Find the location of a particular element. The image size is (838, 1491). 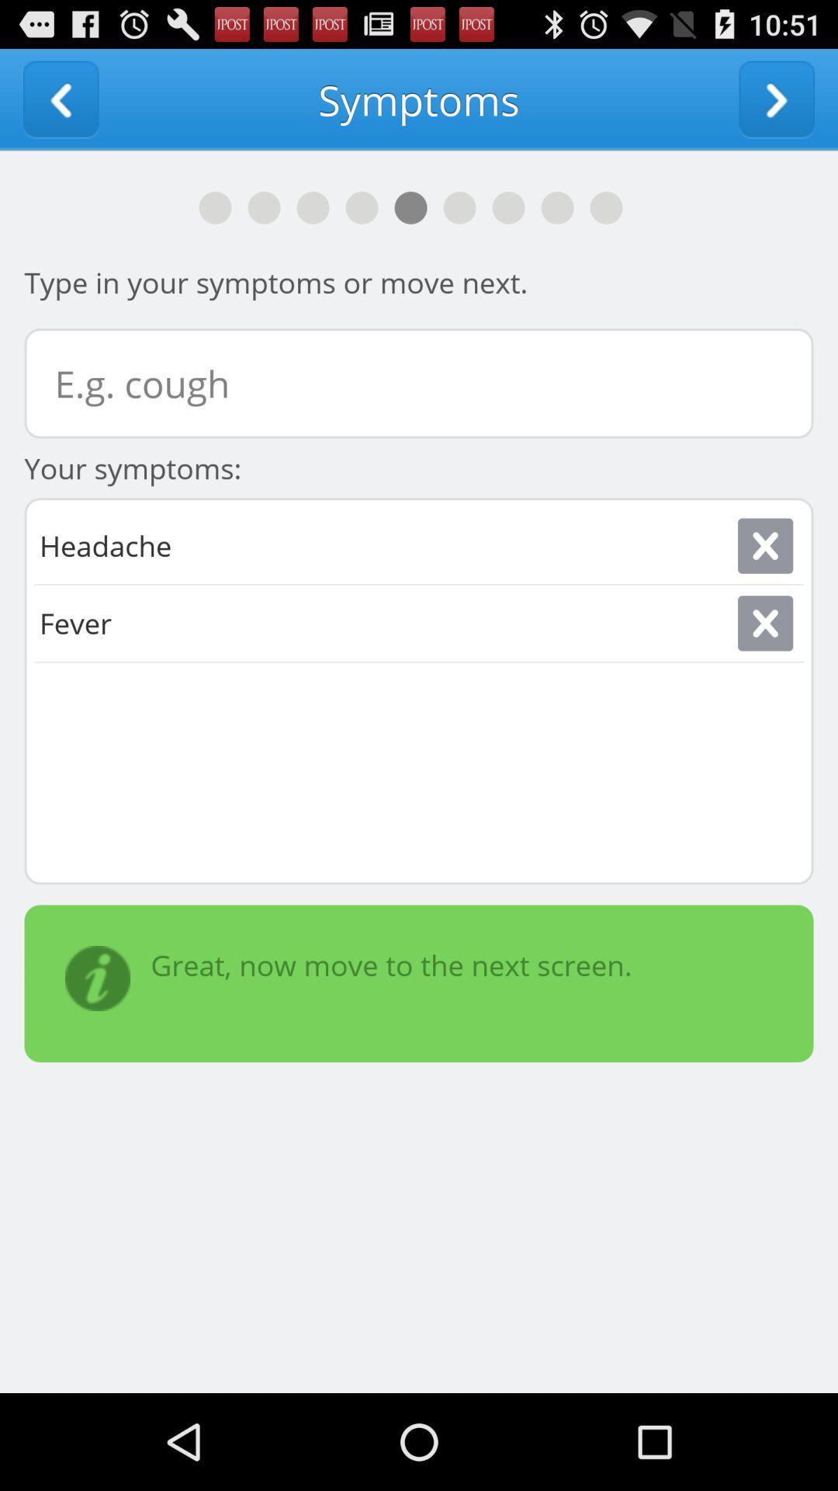

close is located at coordinates (764, 546).